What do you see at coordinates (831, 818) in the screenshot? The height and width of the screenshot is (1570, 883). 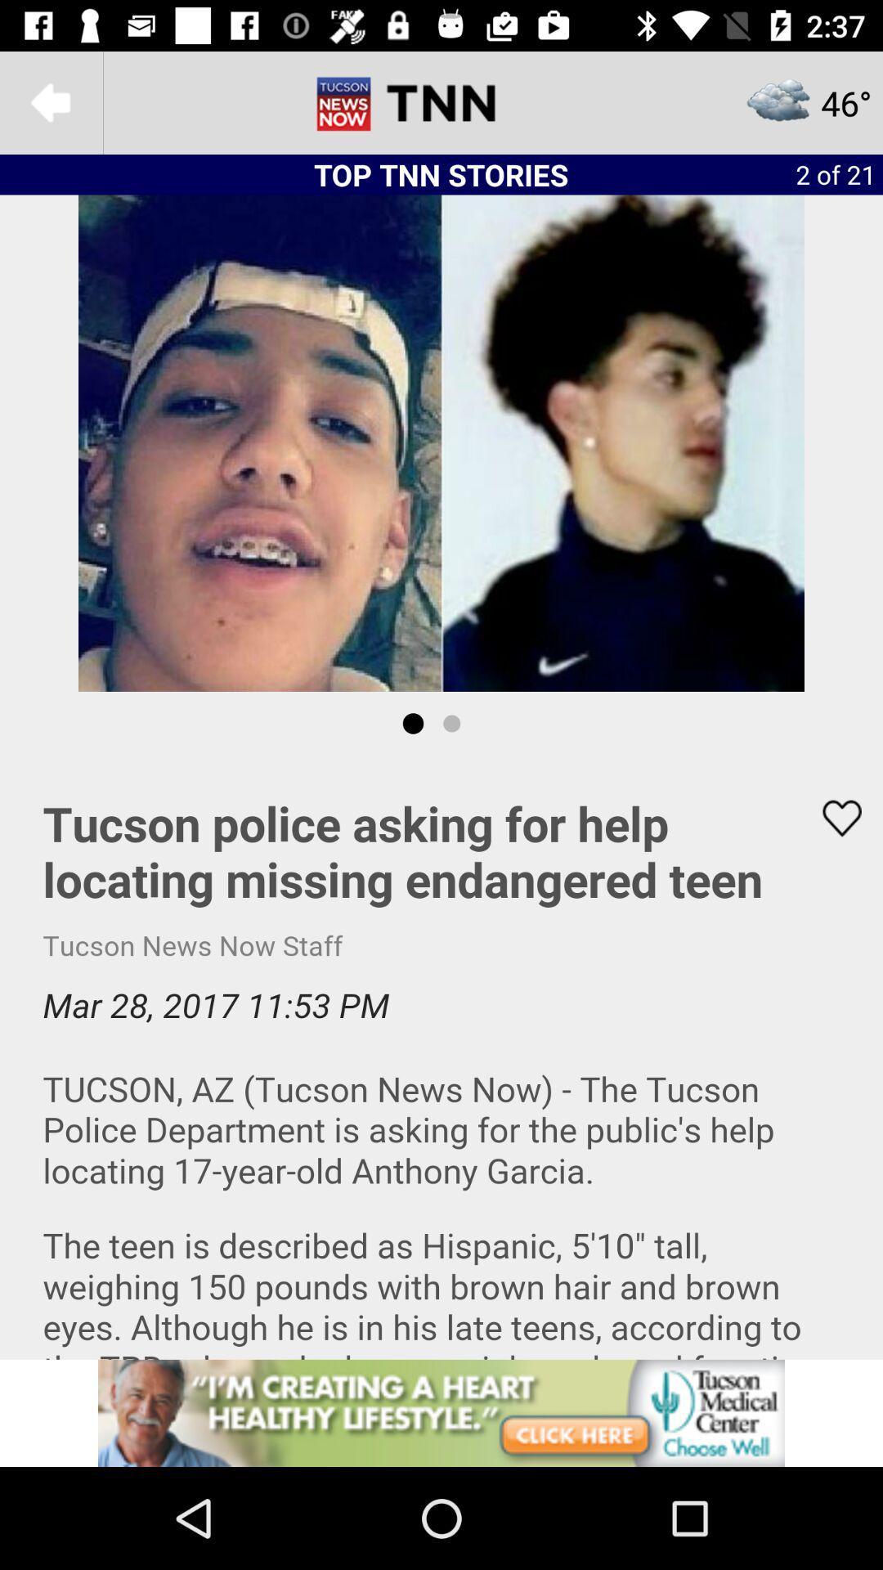 I see `to favorite` at bounding box center [831, 818].